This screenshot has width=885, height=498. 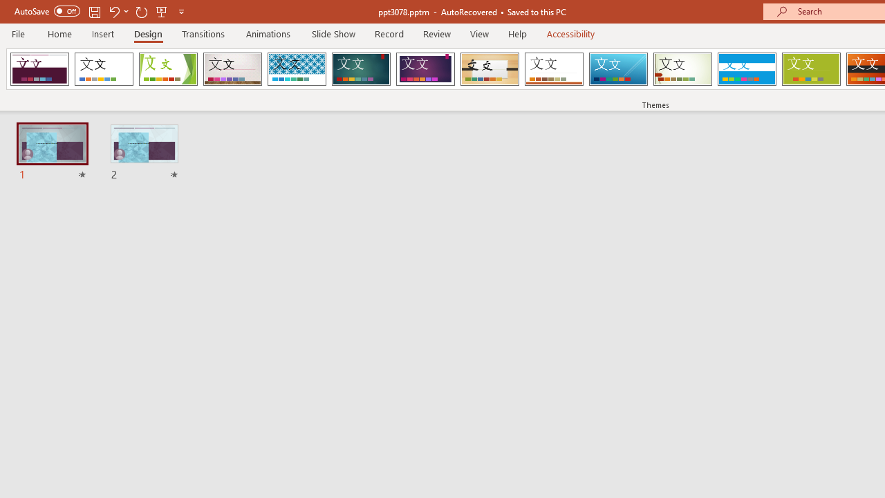 I want to click on 'Wisp', so click(x=682, y=69).